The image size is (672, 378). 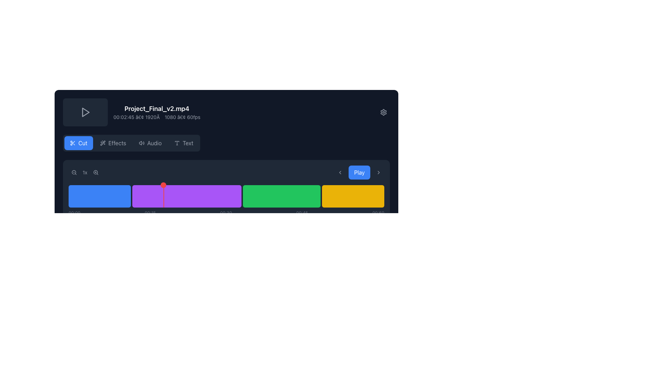 What do you see at coordinates (359, 173) in the screenshot?
I see `the 'Play' button, a rectangular button with rounded corners, blue background, and white text, located in the lower section of the interface to initiate playback` at bounding box center [359, 173].